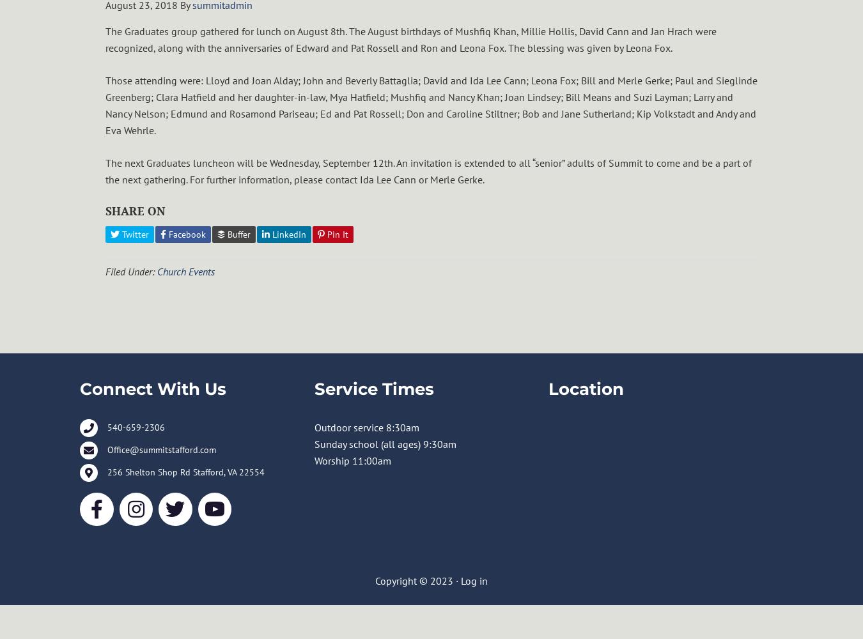 The image size is (863, 639). What do you see at coordinates (373, 389) in the screenshot?
I see `'Service Times'` at bounding box center [373, 389].